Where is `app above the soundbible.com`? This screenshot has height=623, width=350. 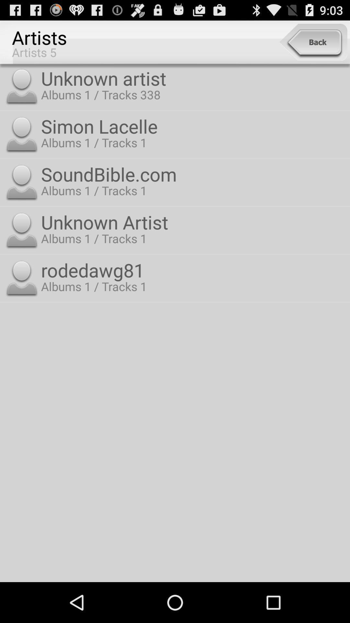 app above the soundbible.com is located at coordinates (194, 126).